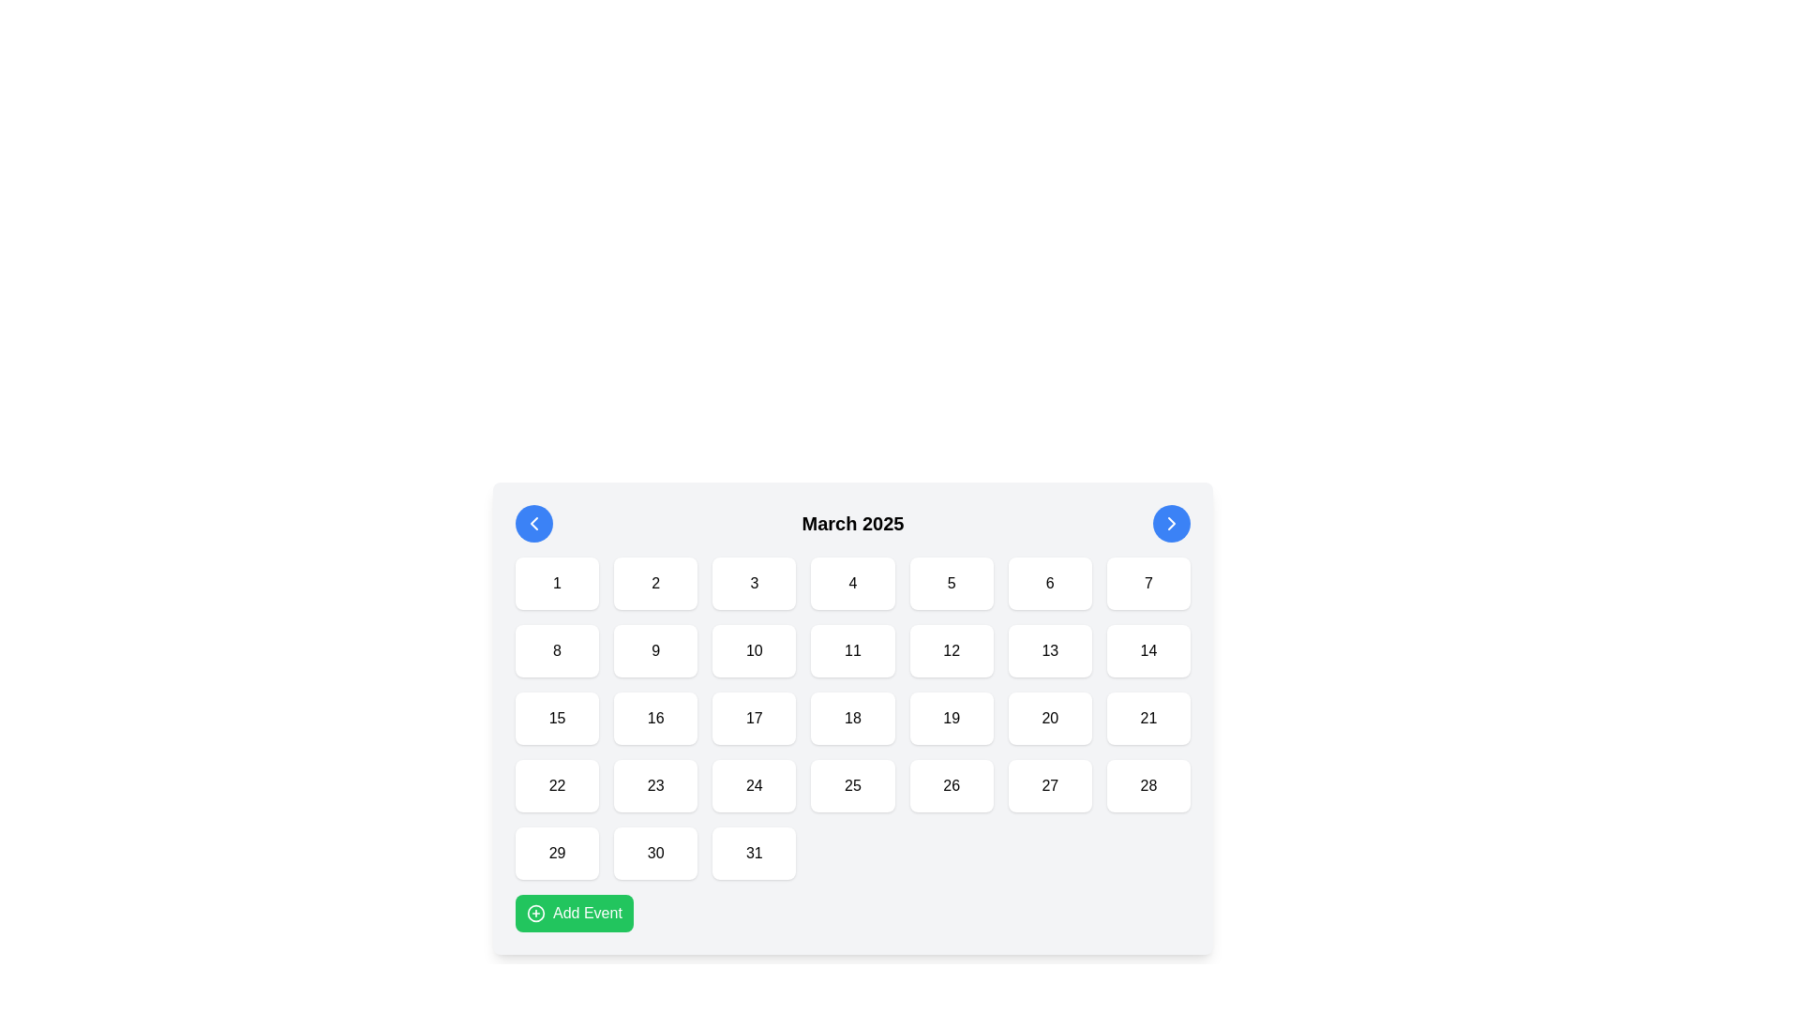  I want to click on the circular SVG shape that forms the base of the 'Add Event' button icon, located below the calendar dates in the calendar interface, so click(534, 913).